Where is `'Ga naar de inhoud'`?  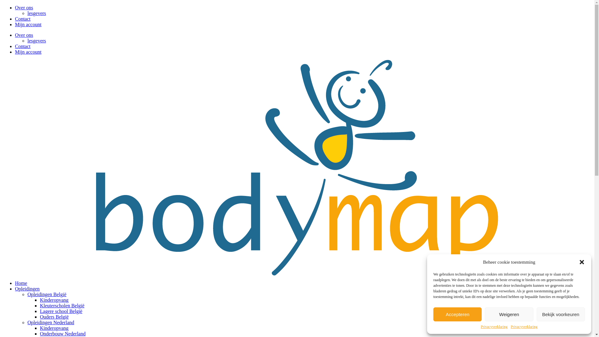 'Ga naar de inhoud' is located at coordinates (2, 5).